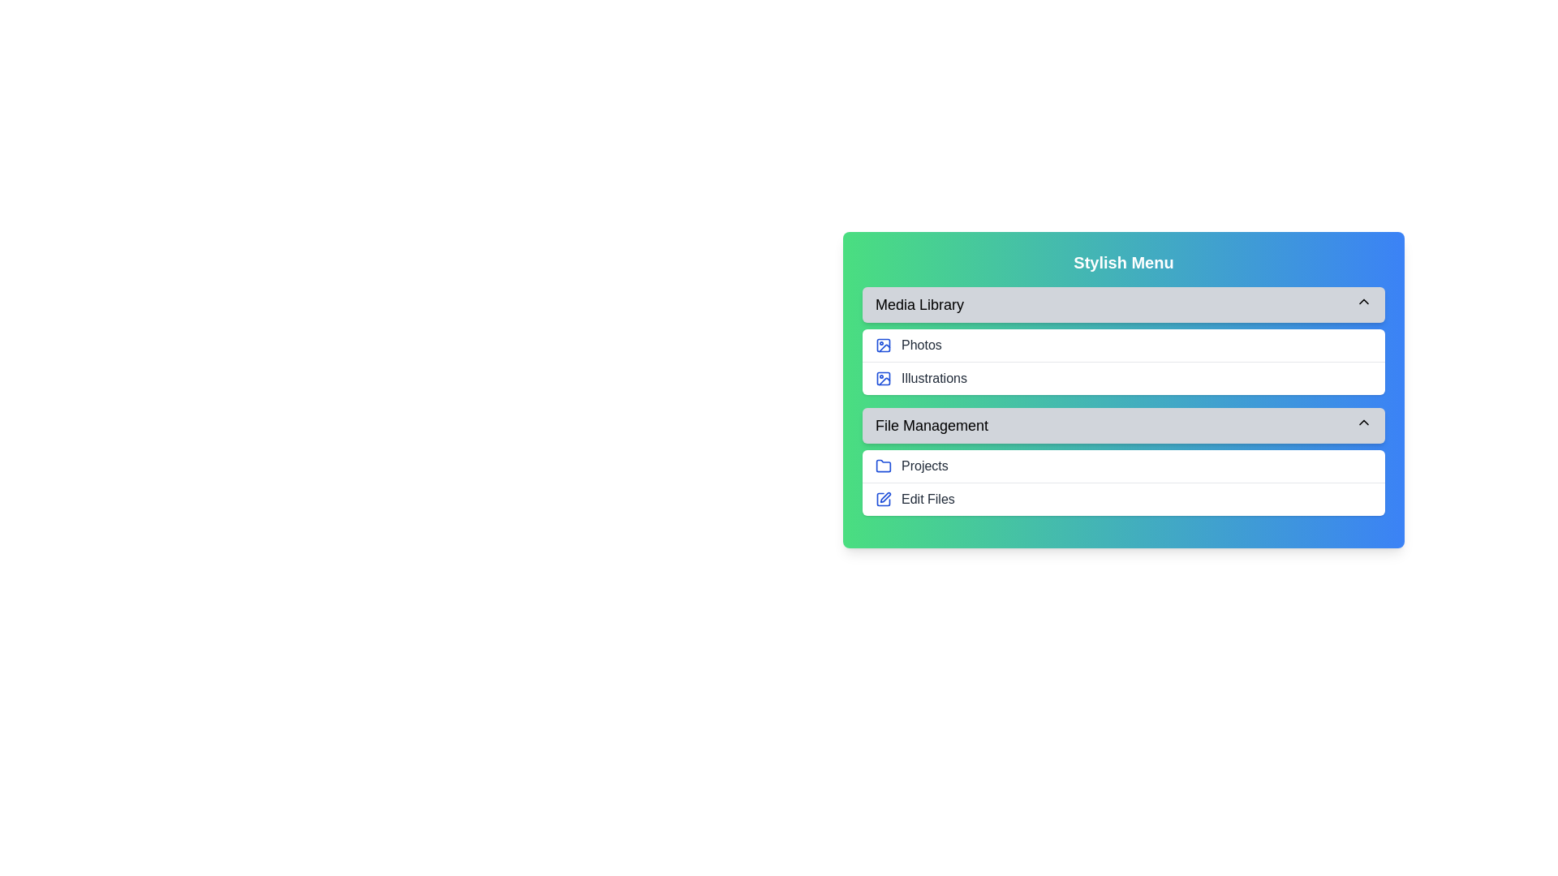 This screenshot has width=1558, height=876. I want to click on the 'Photos' icon, so click(883, 344).